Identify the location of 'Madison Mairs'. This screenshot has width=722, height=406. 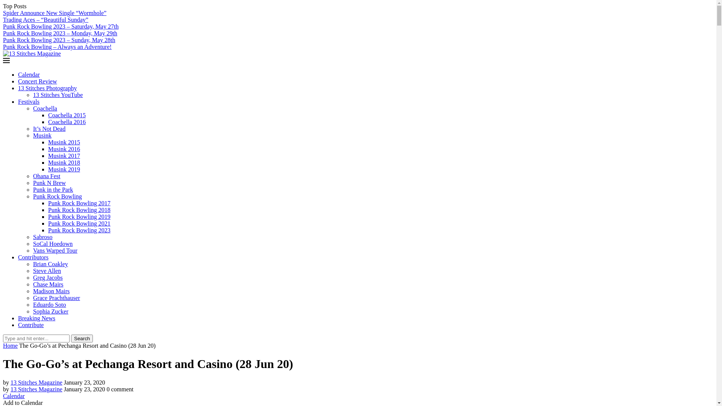
(51, 291).